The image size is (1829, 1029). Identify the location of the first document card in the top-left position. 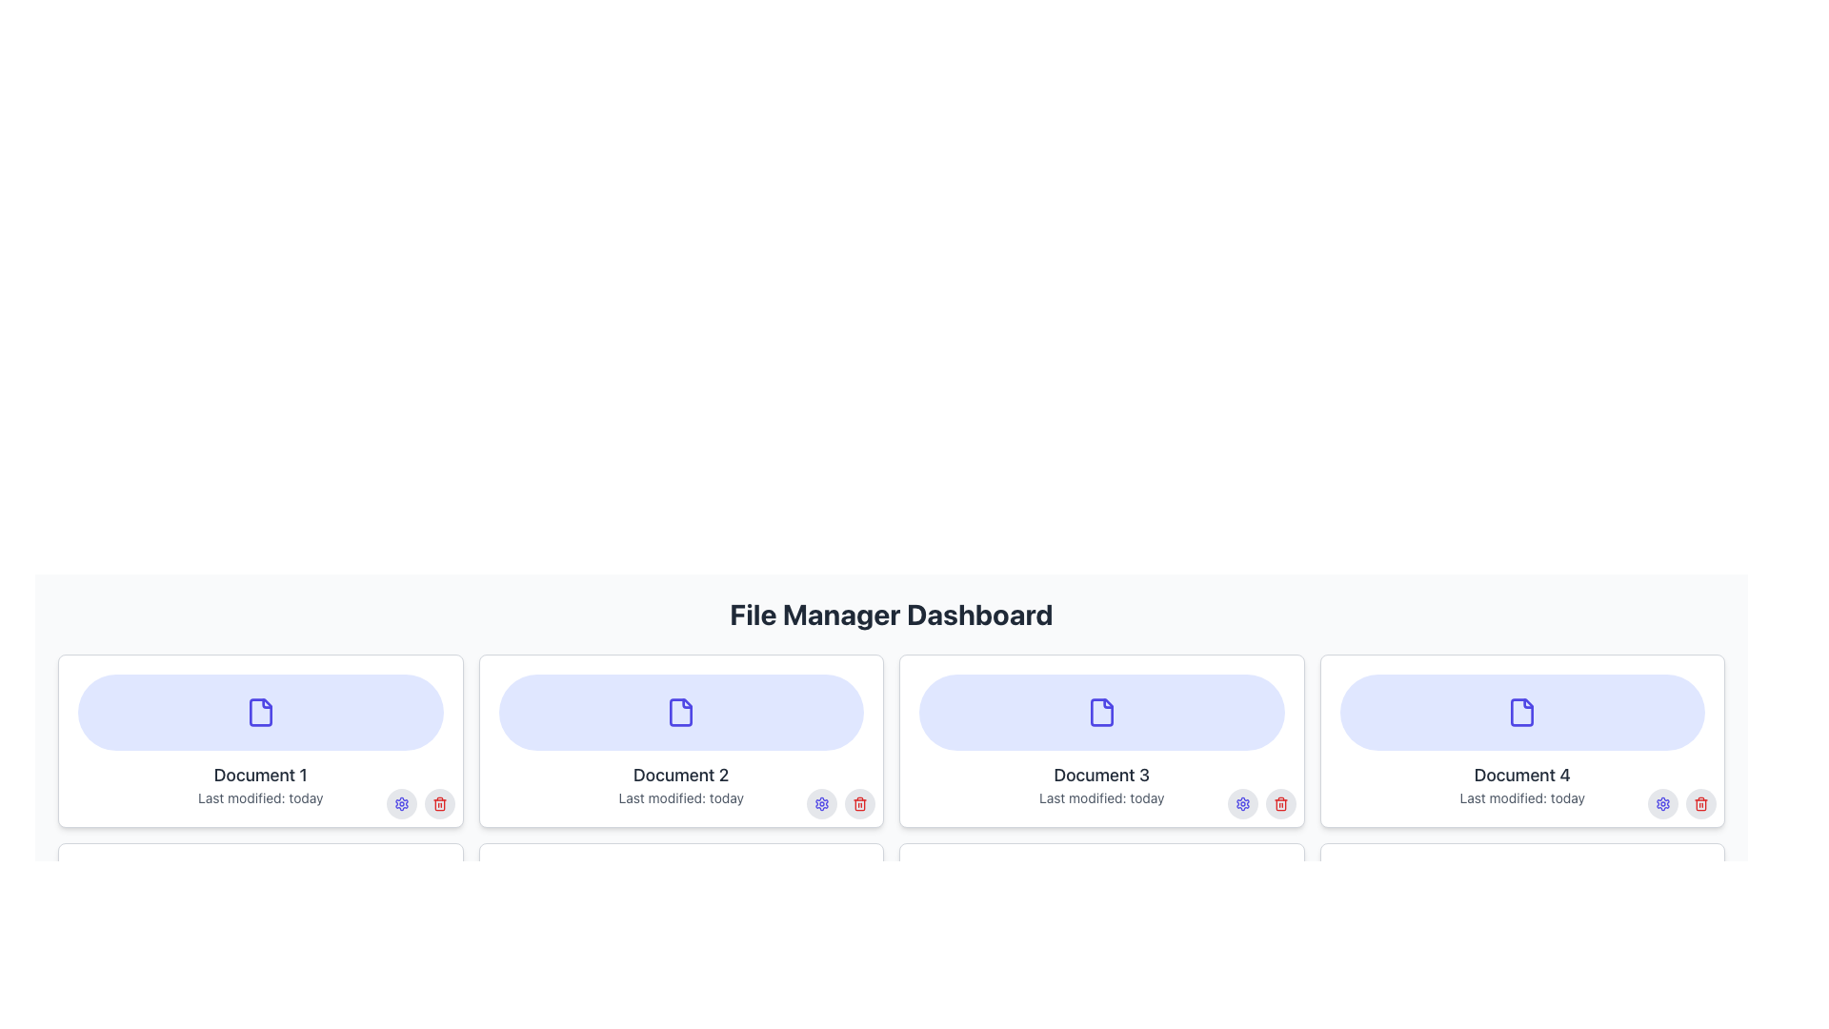
(259, 740).